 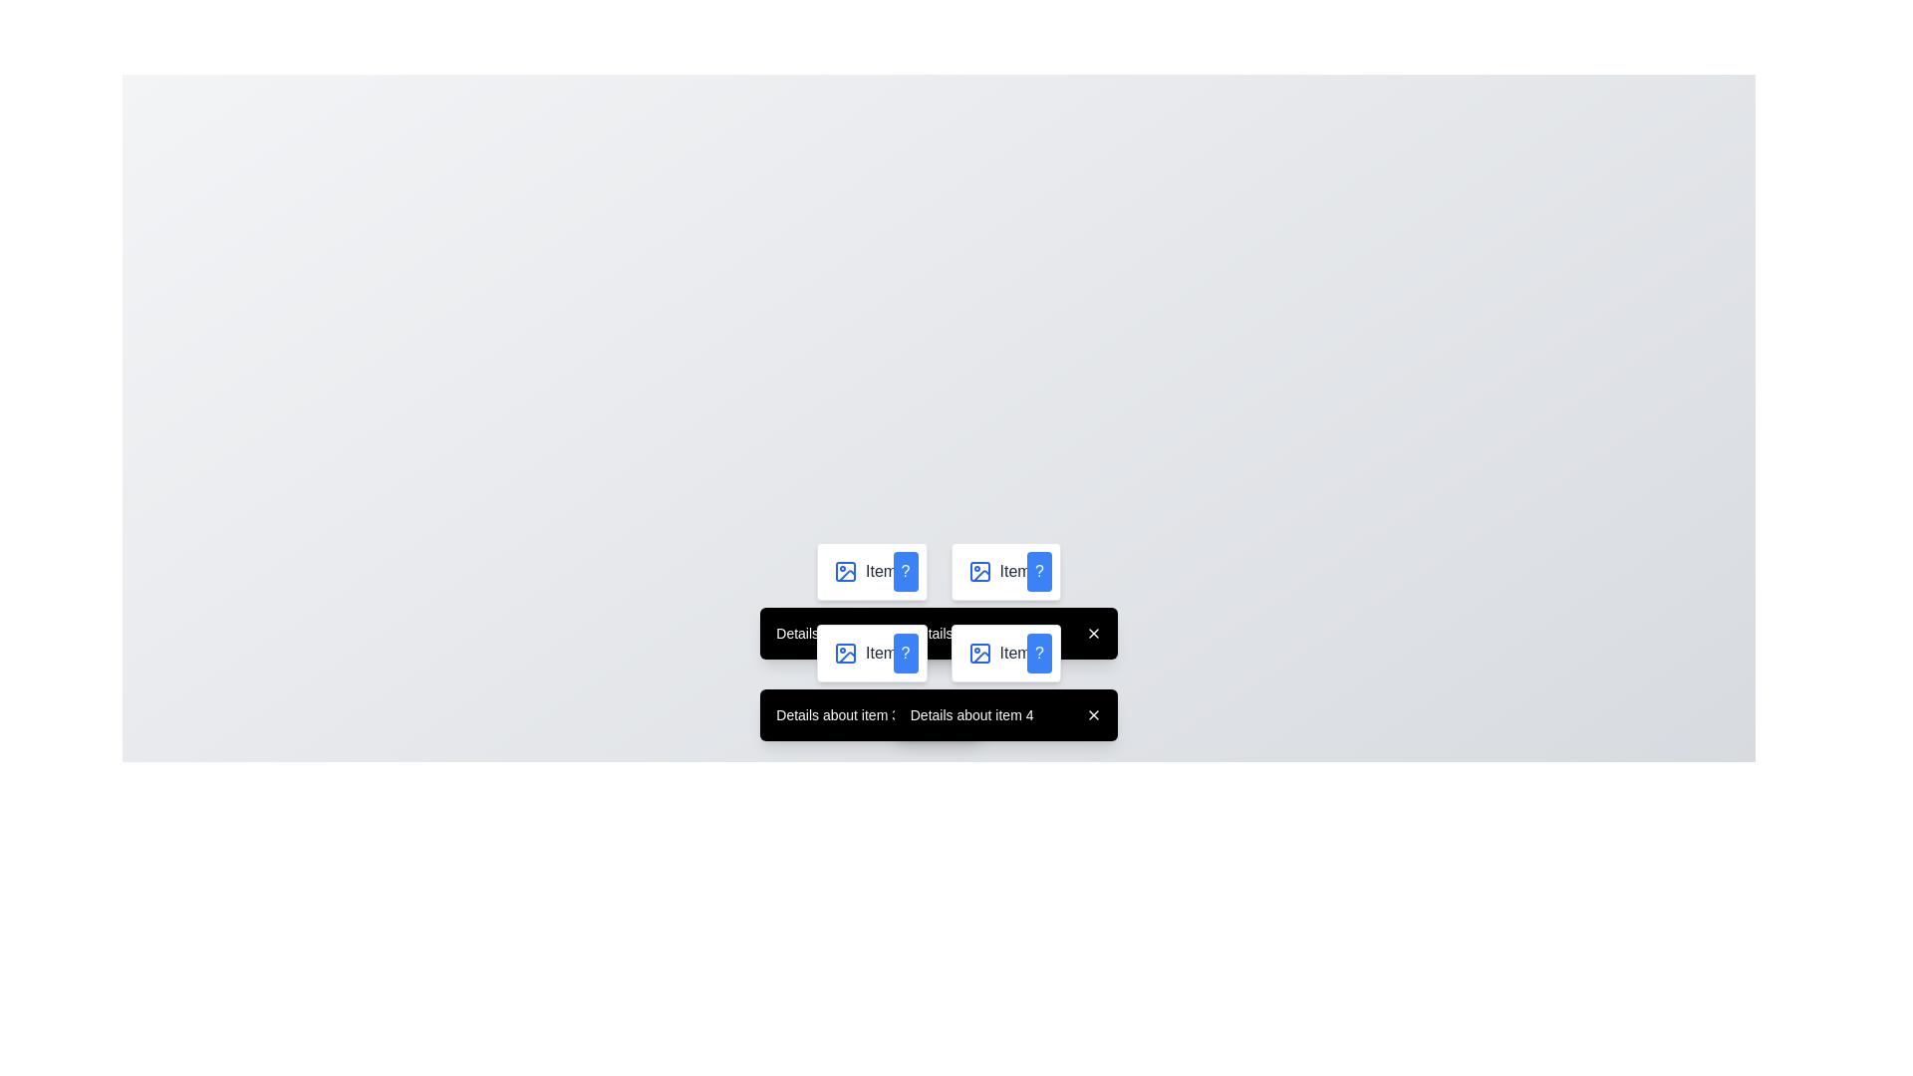 What do you see at coordinates (979, 653) in the screenshot?
I see `the blue rectangle with rounded corners that serves as the base shape of the SVG icon to identify the icon` at bounding box center [979, 653].